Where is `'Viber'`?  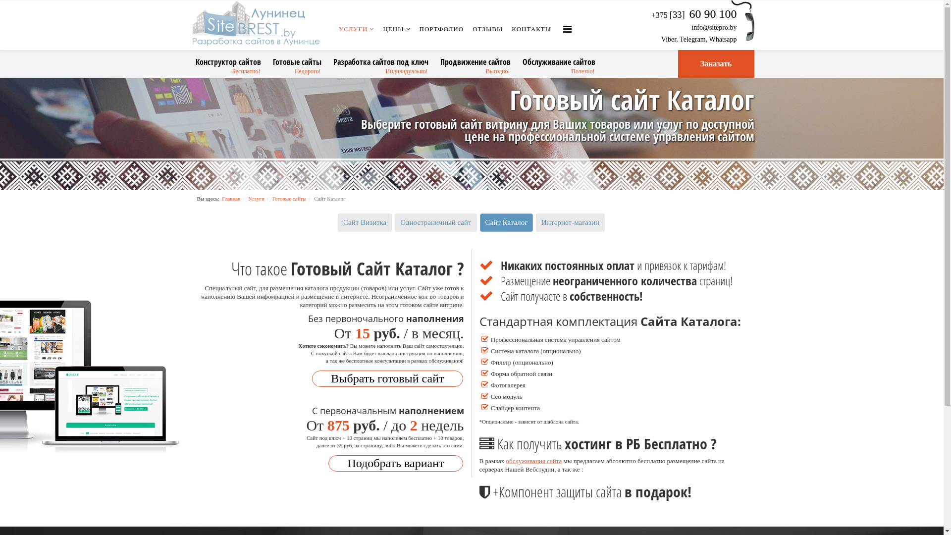 'Viber' is located at coordinates (668, 39).